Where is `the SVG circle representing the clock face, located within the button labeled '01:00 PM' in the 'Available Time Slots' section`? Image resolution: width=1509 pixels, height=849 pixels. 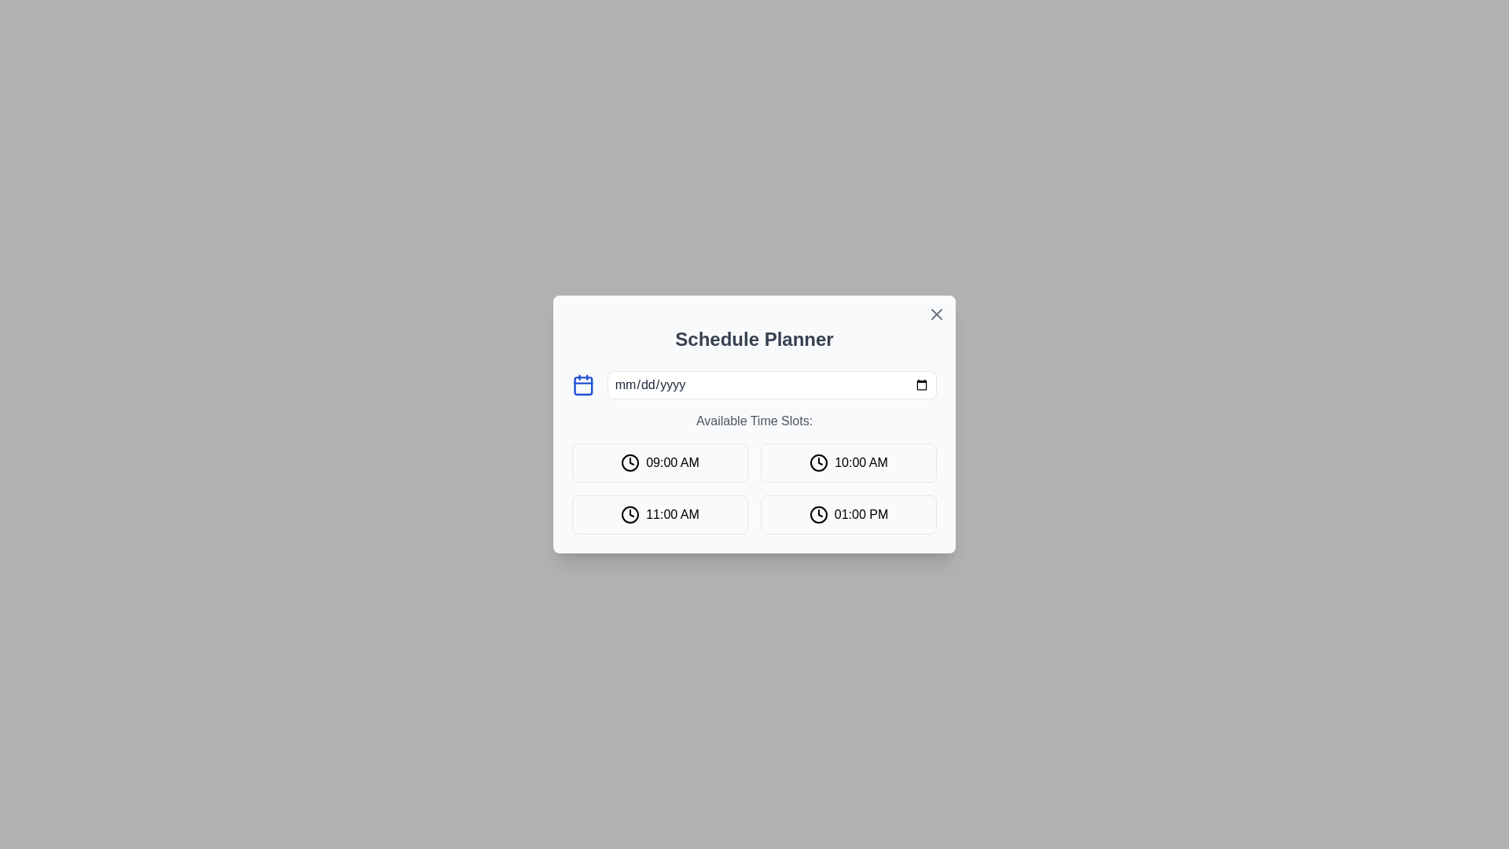 the SVG circle representing the clock face, located within the button labeled '01:00 PM' in the 'Available Time Slots' section is located at coordinates (817, 515).